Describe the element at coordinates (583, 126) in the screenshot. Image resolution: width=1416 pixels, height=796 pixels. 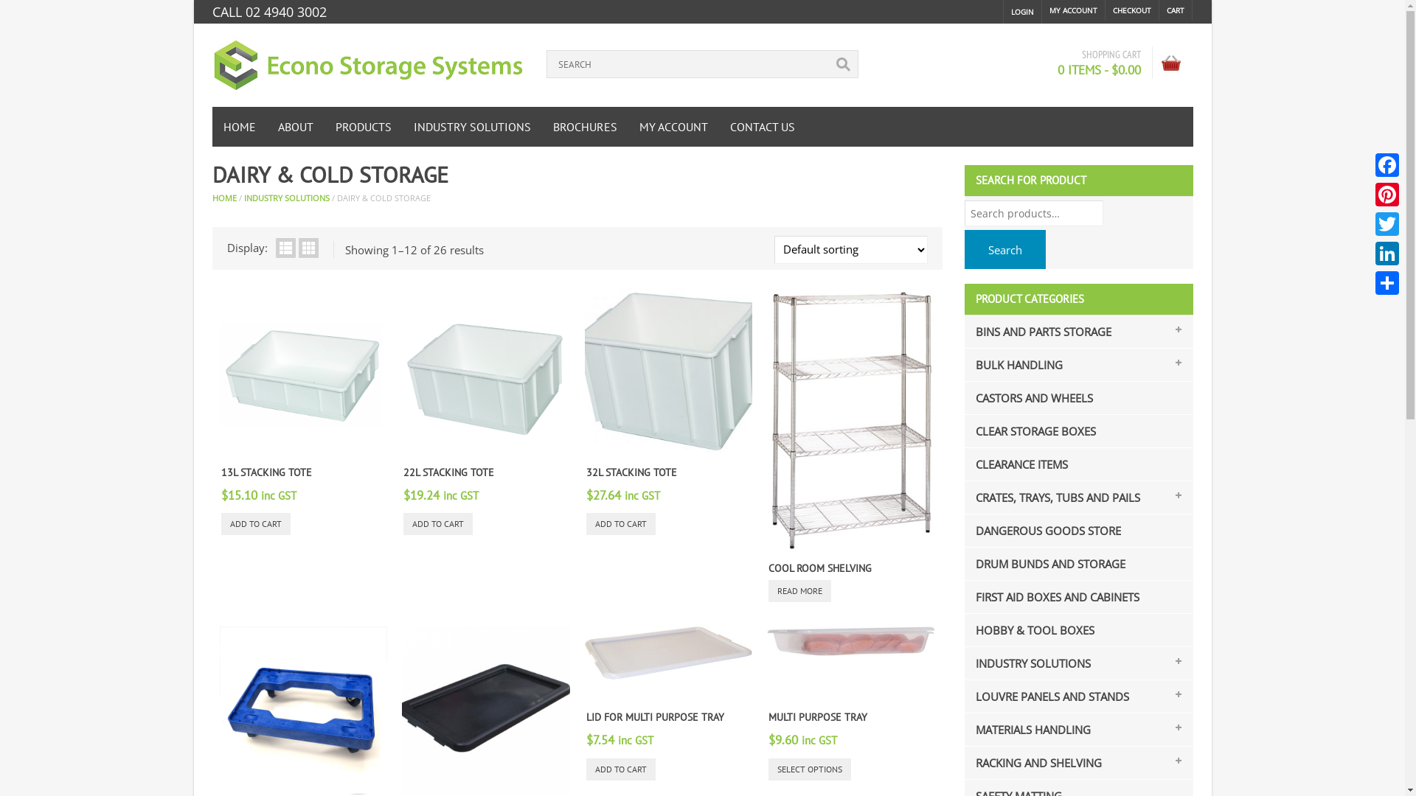
I see `'BROCHURES'` at that location.